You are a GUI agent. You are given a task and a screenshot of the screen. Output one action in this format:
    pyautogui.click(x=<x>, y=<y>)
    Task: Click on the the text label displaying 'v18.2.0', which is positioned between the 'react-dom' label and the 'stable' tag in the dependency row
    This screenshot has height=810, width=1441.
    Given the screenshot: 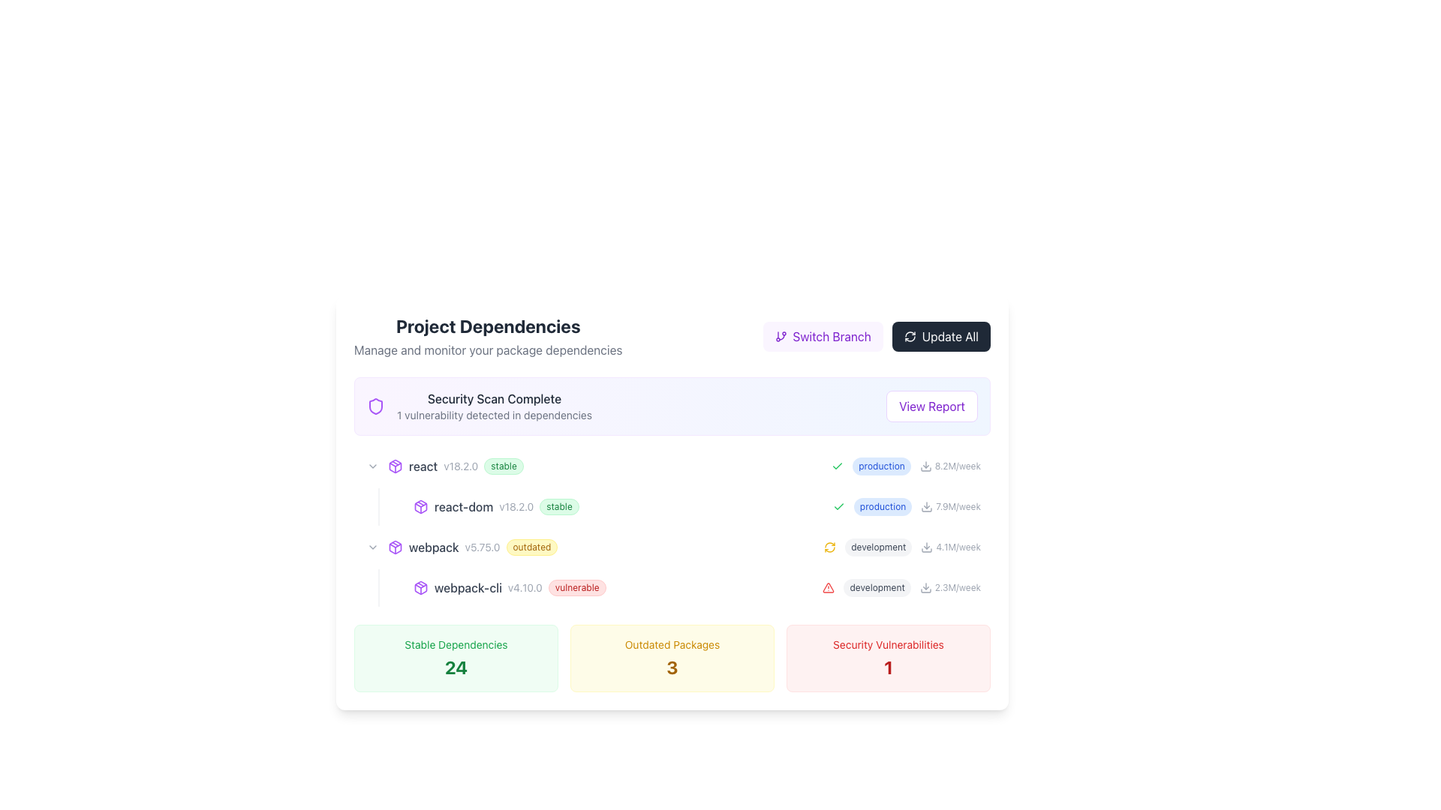 What is the action you would take?
    pyautogui.click(x=516, y=506)
    